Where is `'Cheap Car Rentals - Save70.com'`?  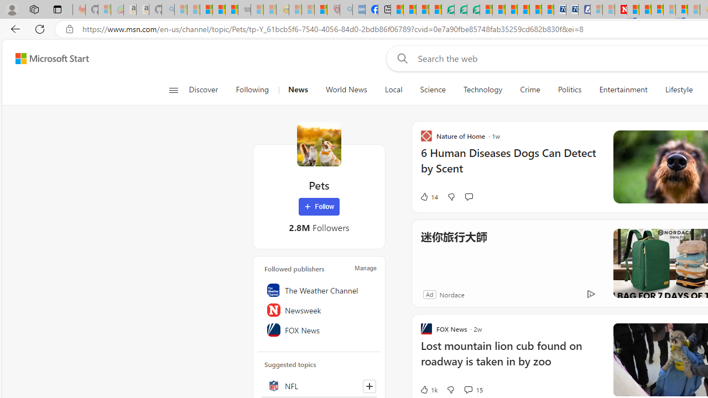
'Cheap Car Rentals - Save70.com' is located at coordinates (560, 9).